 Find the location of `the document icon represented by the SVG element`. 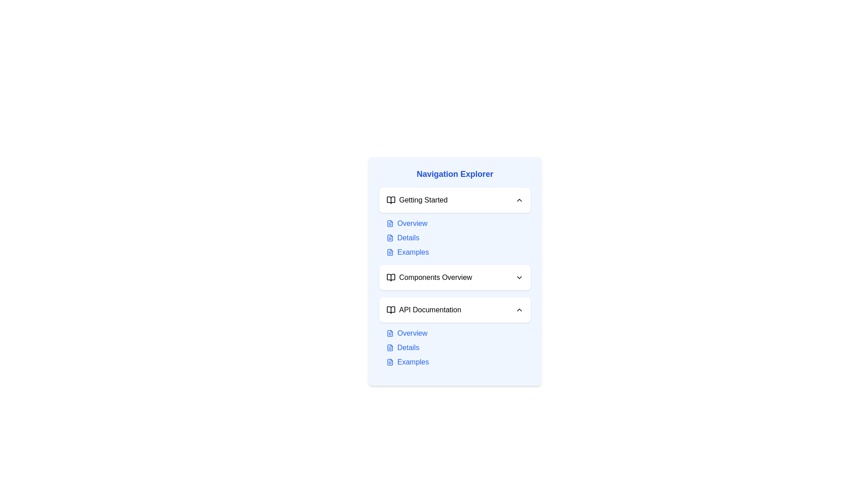

the document icon represented by the SVG element is located at coordinates (390, 237).